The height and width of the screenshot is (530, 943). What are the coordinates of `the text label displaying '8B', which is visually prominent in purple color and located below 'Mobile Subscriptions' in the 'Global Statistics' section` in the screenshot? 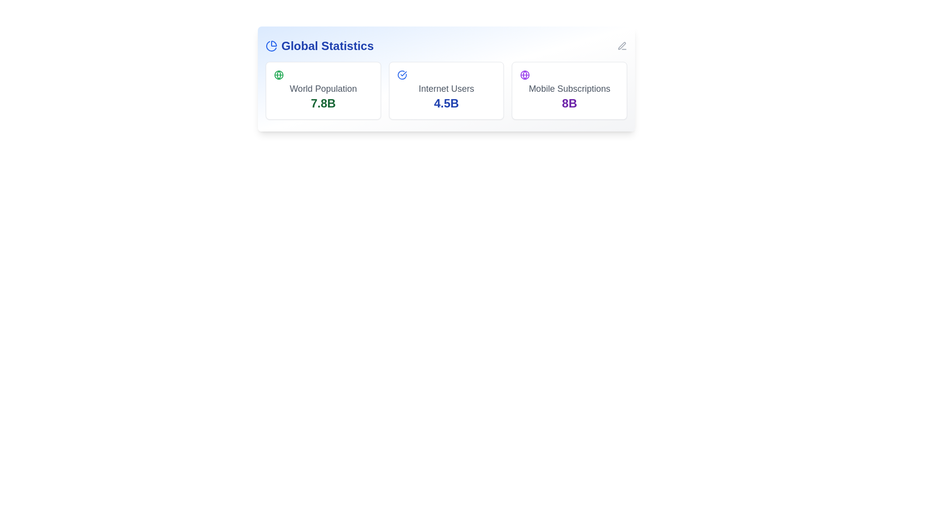 It's located at (569, 104).